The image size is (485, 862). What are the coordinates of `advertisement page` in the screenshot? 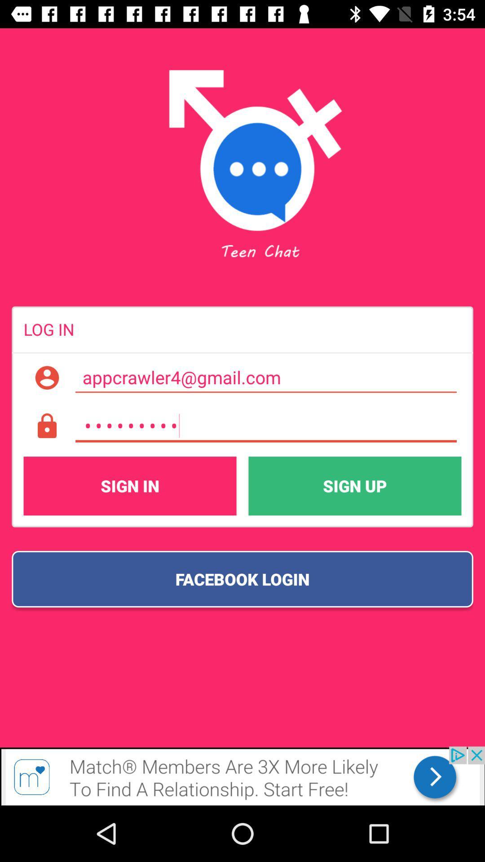 It's located at (242, 775).